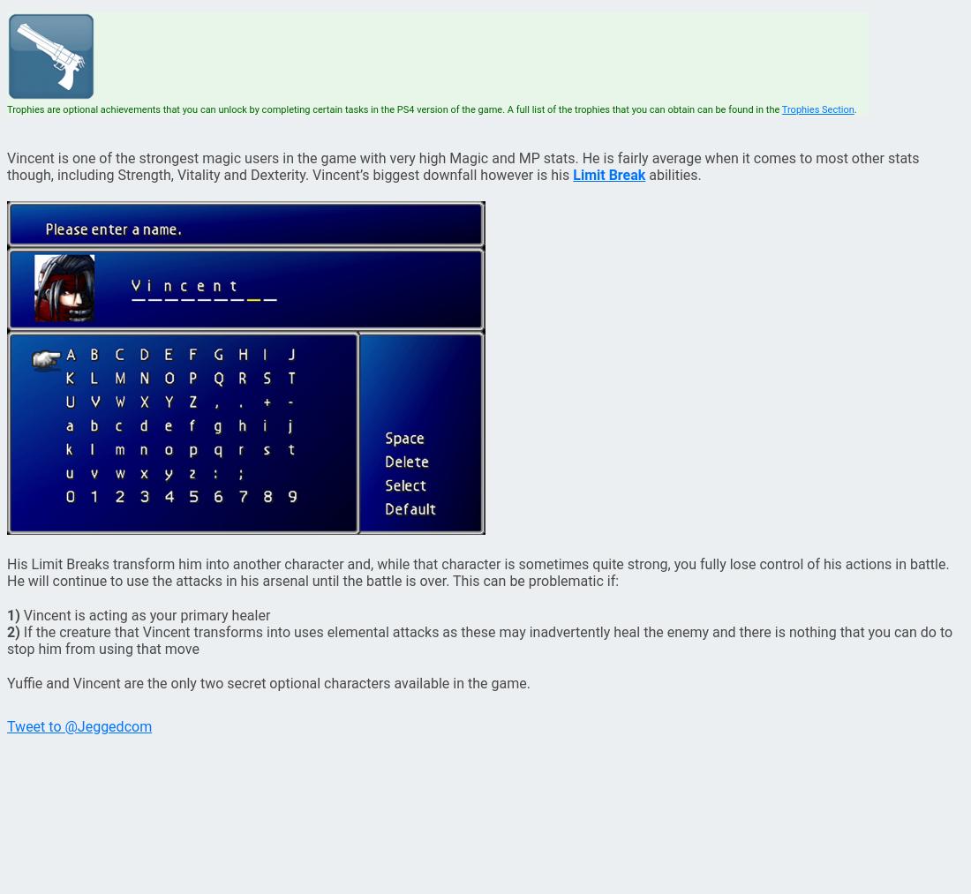  I want to click on 'Tweet to @Jeggedcom', so click(79, 725).